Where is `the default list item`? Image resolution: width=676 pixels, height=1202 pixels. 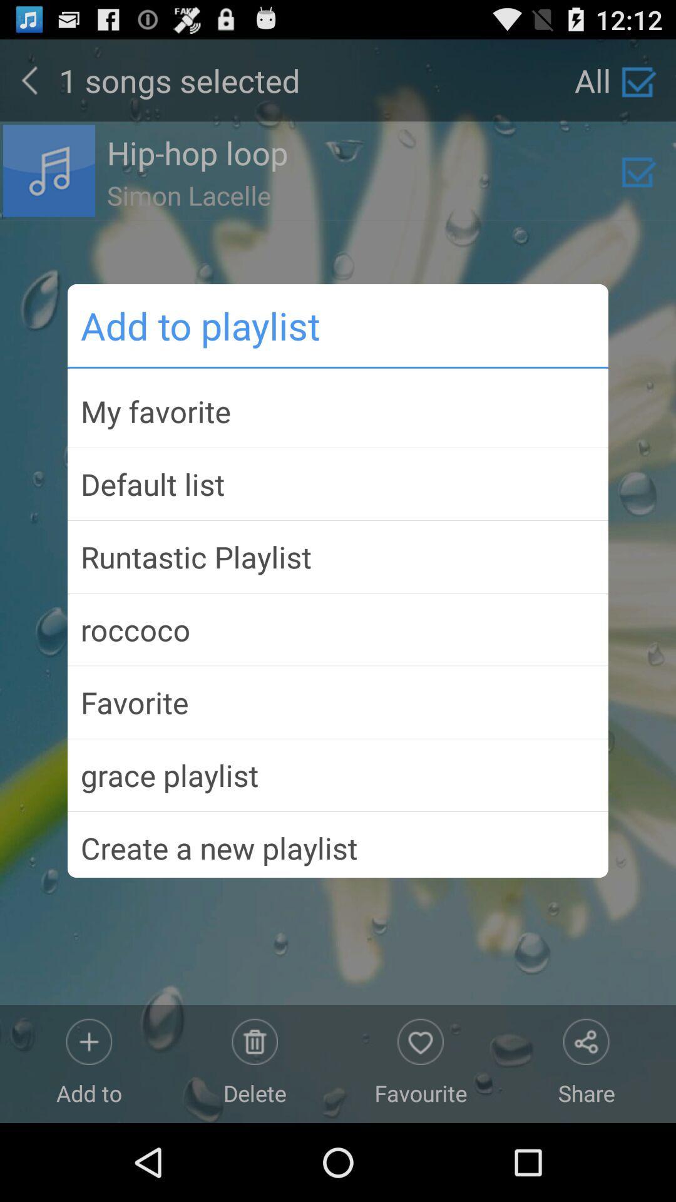
the default list item is located at coordinates (338, 483).